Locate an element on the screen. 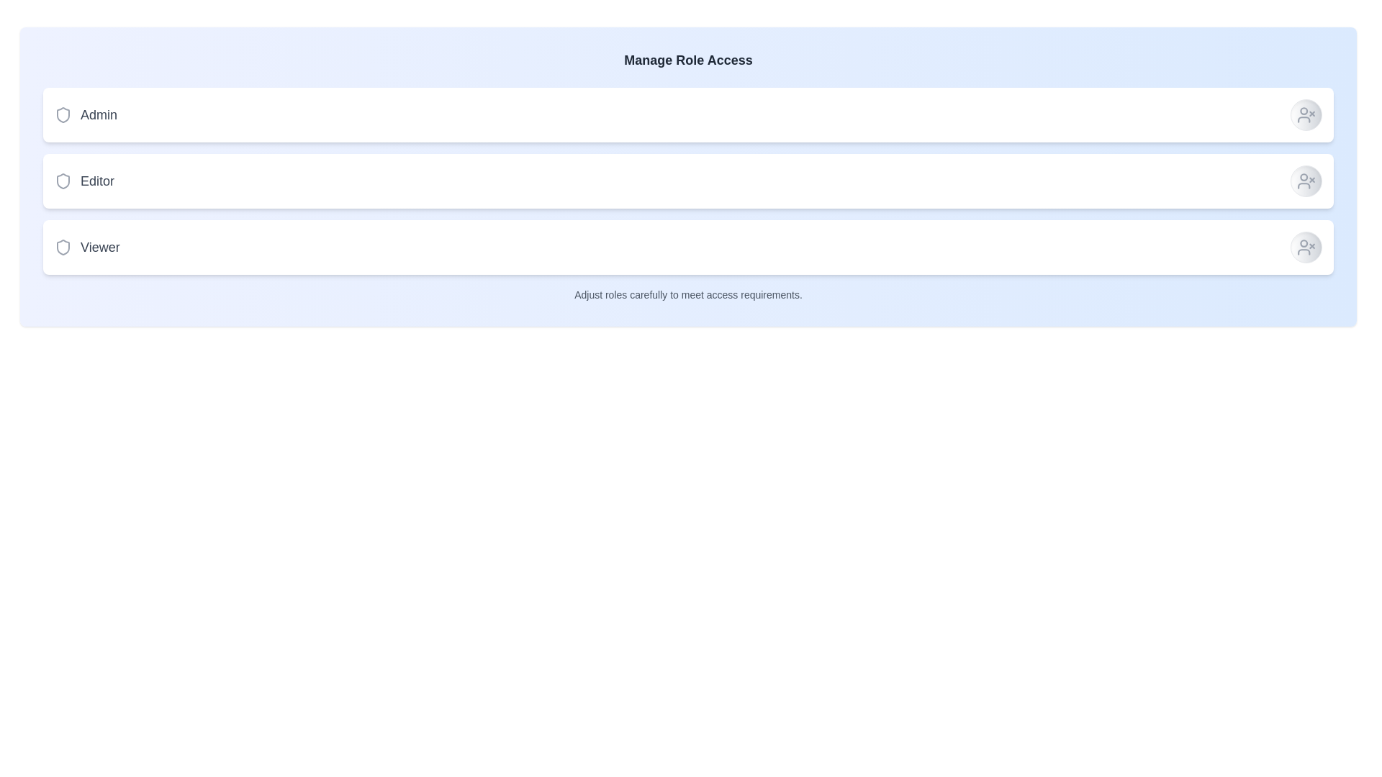  the shield icon, which is the third item in the vertical list of role access options, located to the left of the 'Viewer' role label is located at coordinates (62, 246).